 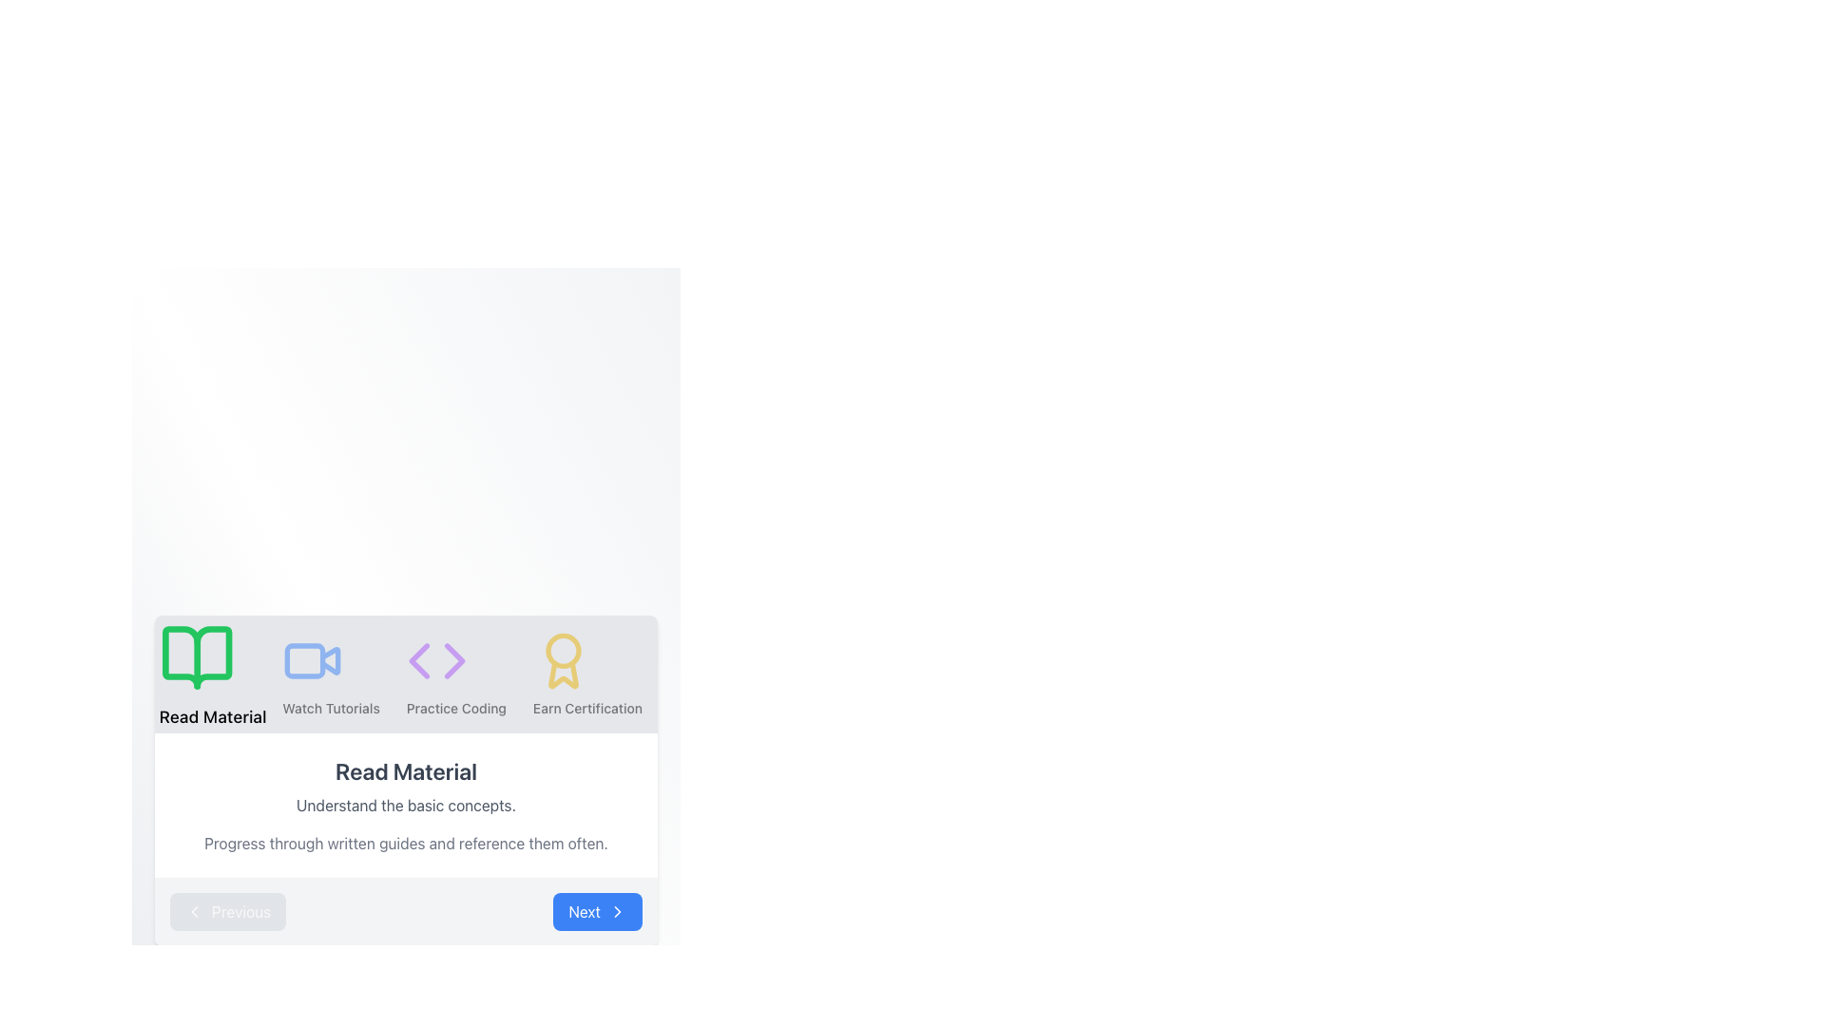 I want to click on the interactive instruction/navigation bar with labeled sections, so click(x=405, y=673).